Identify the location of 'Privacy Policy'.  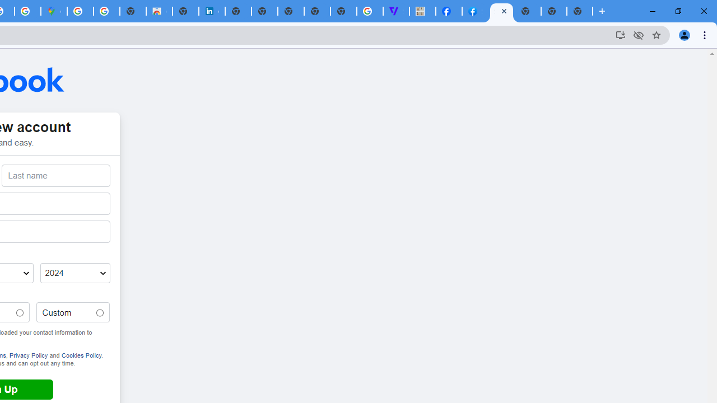
(28, 355).